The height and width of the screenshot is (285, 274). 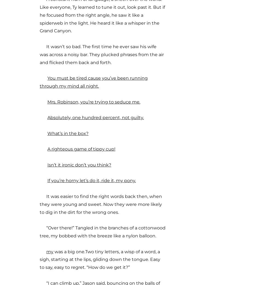 What do you see at coordinates (47, 117) in the screenshot?
I see `'Absolutely, one hundred percent, not guilty.'` at bounding box center [47, 117].